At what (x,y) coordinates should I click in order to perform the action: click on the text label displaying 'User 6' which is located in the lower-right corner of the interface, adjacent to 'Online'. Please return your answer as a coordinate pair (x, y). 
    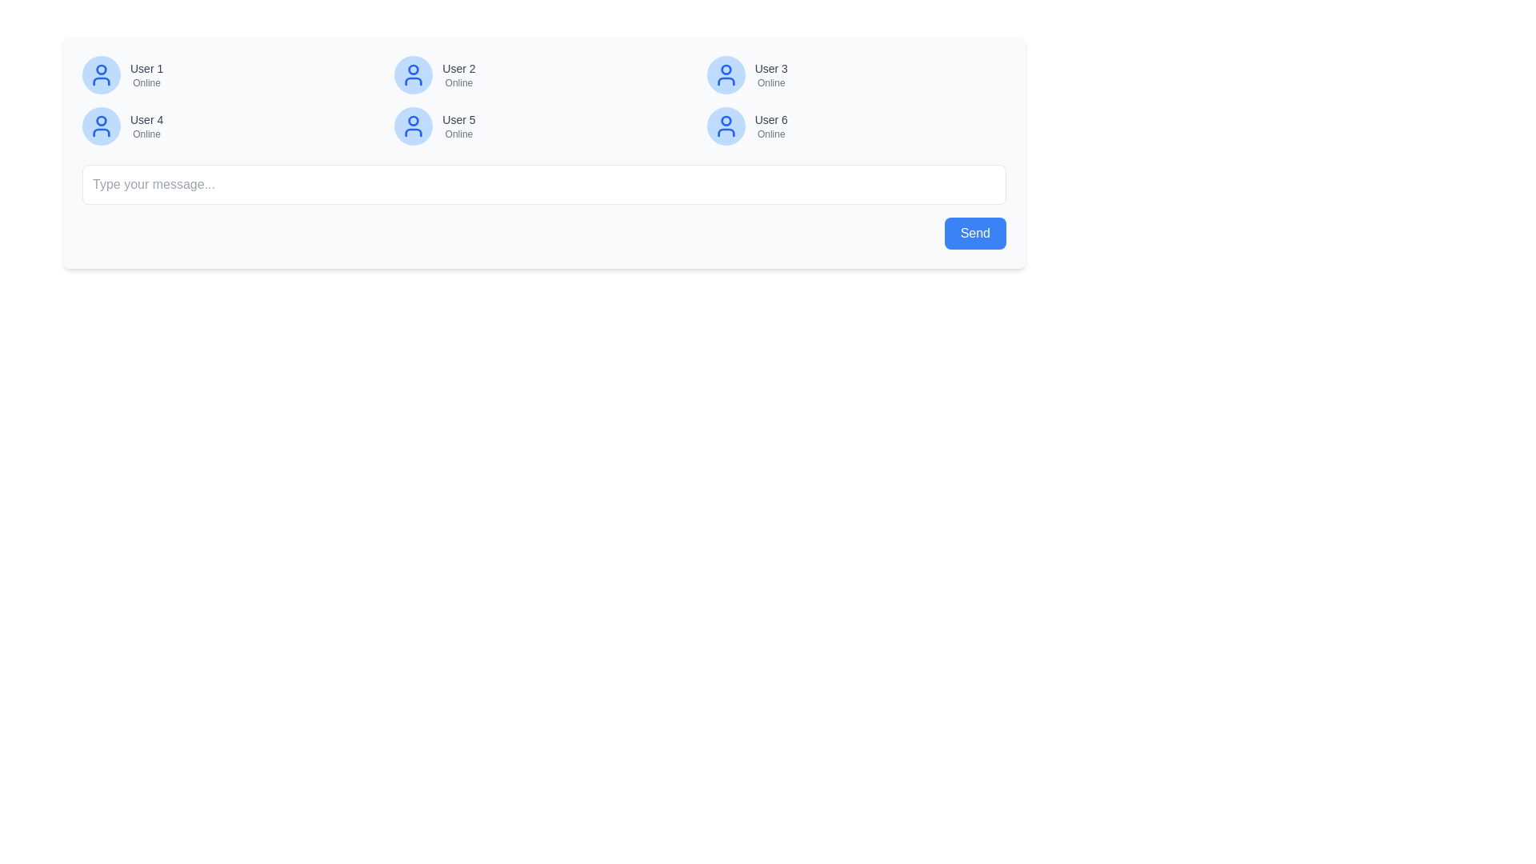
    Looking at the image, I should click on (771, 119).